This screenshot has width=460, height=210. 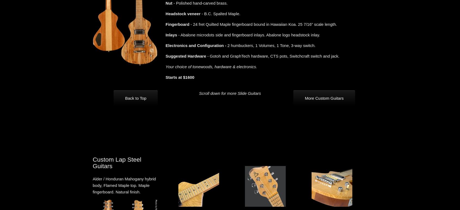 I want to click on '2 humbuckers, 1 Volumes, 1 Tone, 3-way switch.', so click(x=226, y=45).